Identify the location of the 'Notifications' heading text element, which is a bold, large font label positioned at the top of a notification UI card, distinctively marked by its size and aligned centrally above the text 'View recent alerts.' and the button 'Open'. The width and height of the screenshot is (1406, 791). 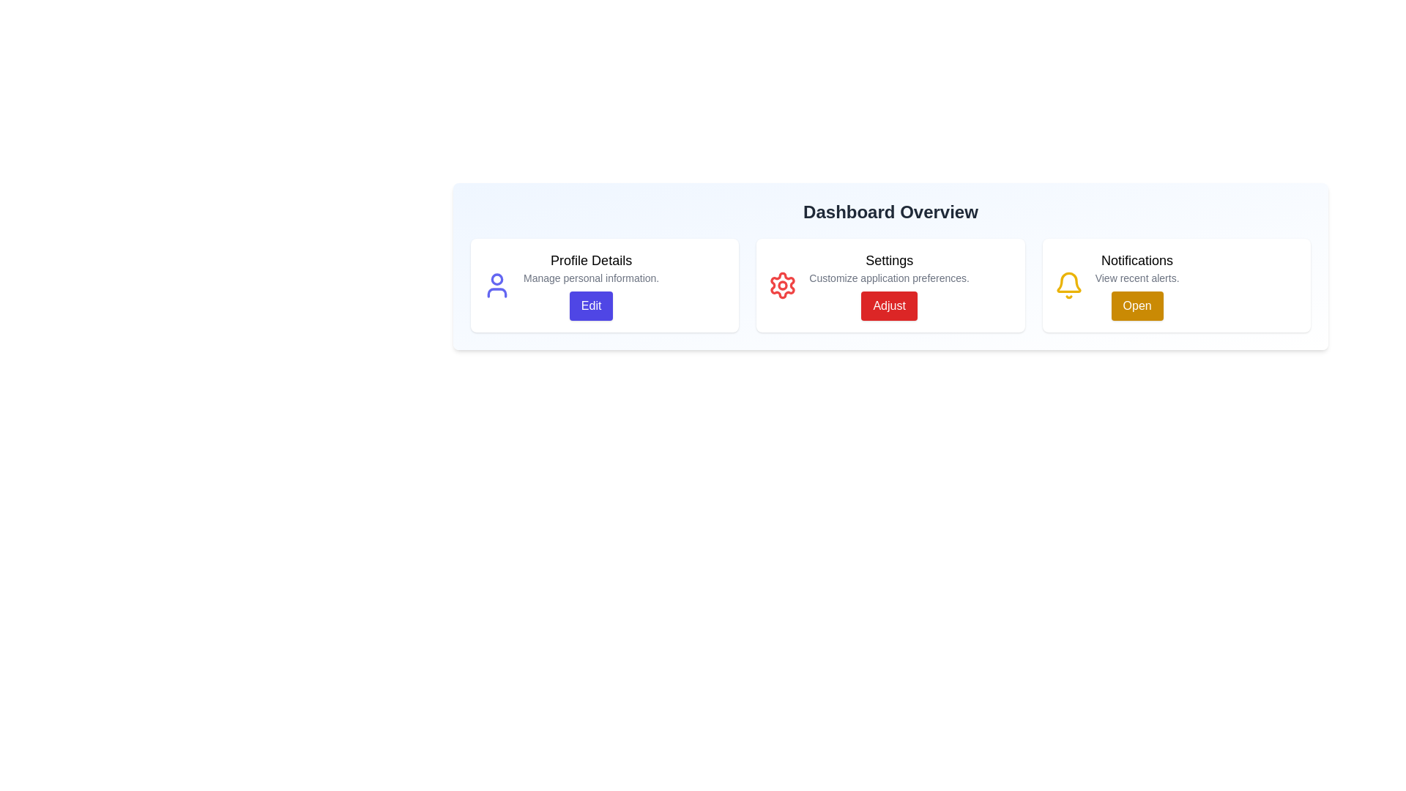
(1137, 259).